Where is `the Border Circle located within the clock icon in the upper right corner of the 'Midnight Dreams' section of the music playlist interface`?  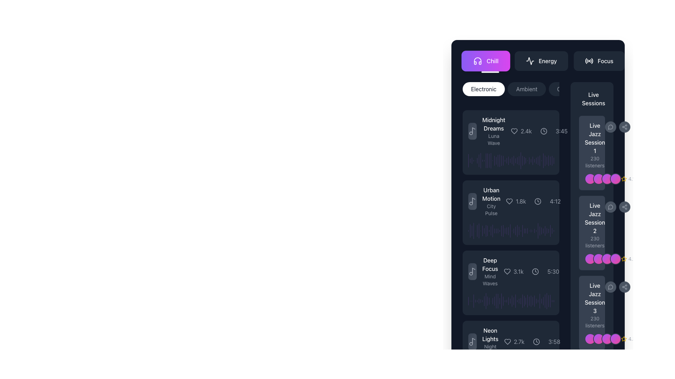 the Border Circle located within the clock icon in the upper right corner of the 'Midnight Dreams' section of the music playlist interface is located at coordinates (543, 131).